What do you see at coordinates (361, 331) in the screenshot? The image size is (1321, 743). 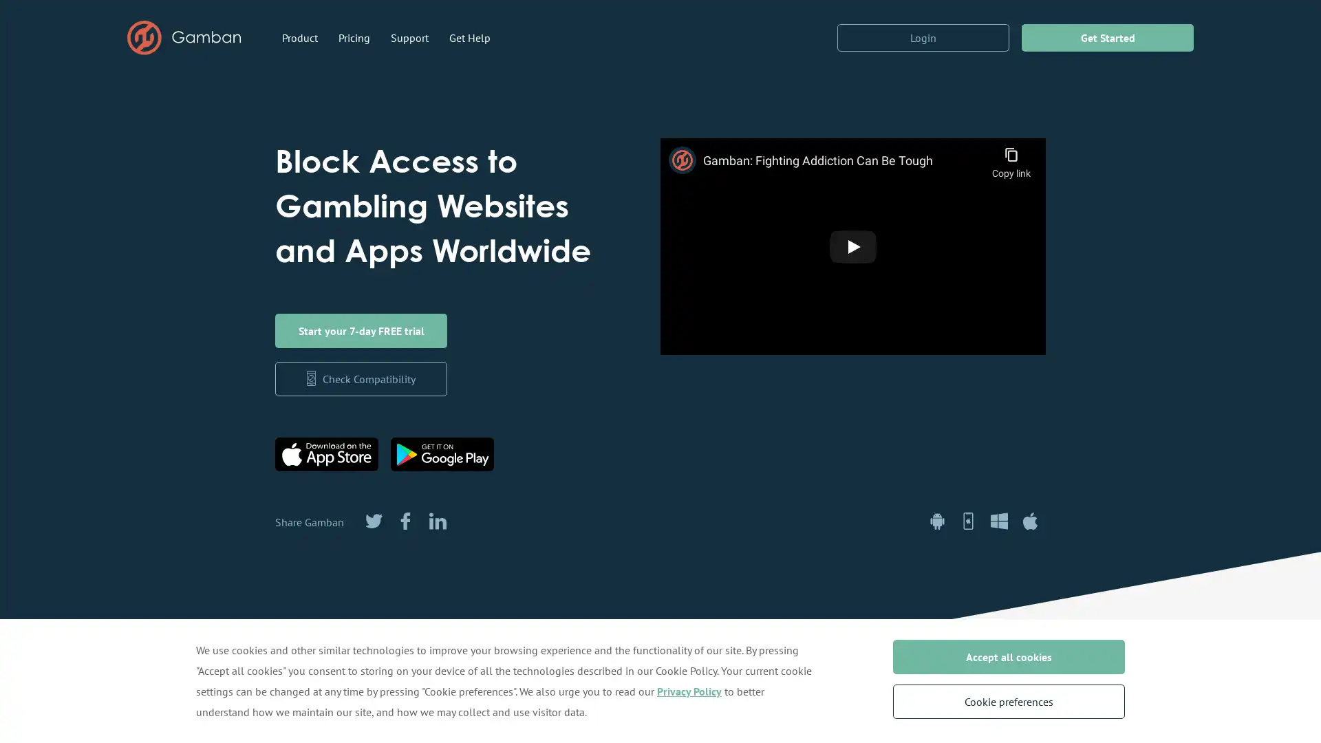 I see `Start Trial` at bounding box center [361, 331].